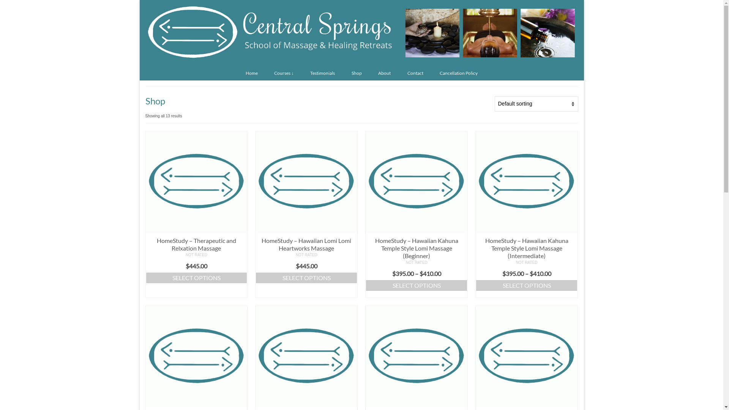 The height and width of the screenshot is (410, 729). What do you see at coordinates (384, 73) in the screenshot?
I see `'About'` at bounding box center [384, 73].